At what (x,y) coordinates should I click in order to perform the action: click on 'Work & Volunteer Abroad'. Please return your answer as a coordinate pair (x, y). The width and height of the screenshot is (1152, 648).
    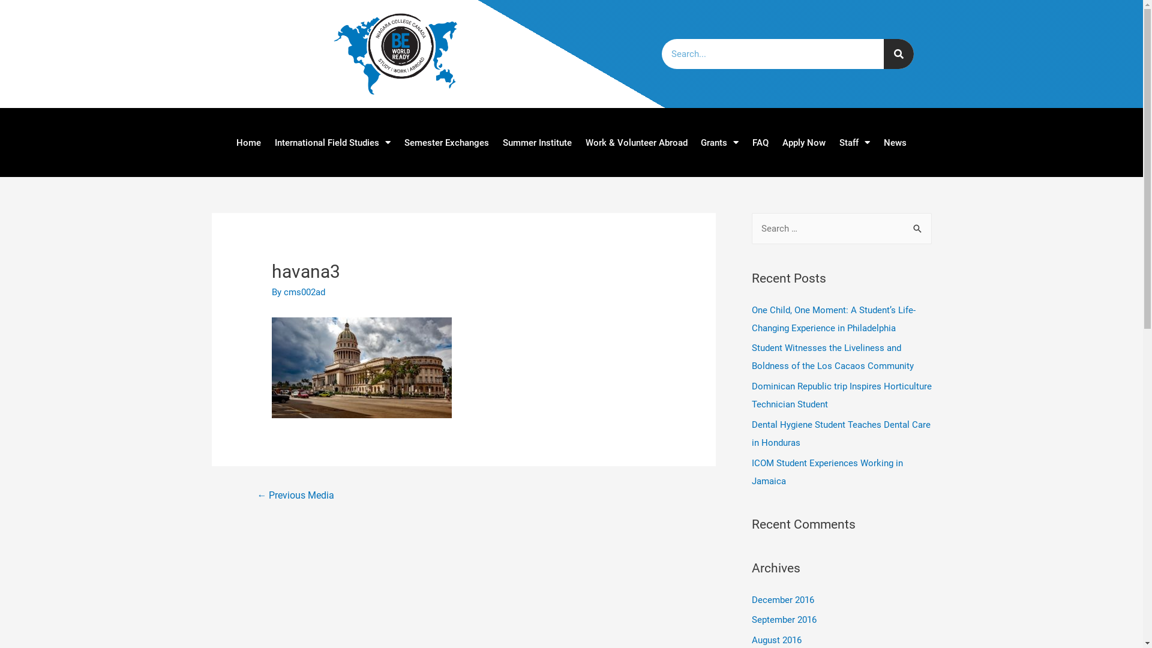
    Looking at the image, I should click on (578, 141).